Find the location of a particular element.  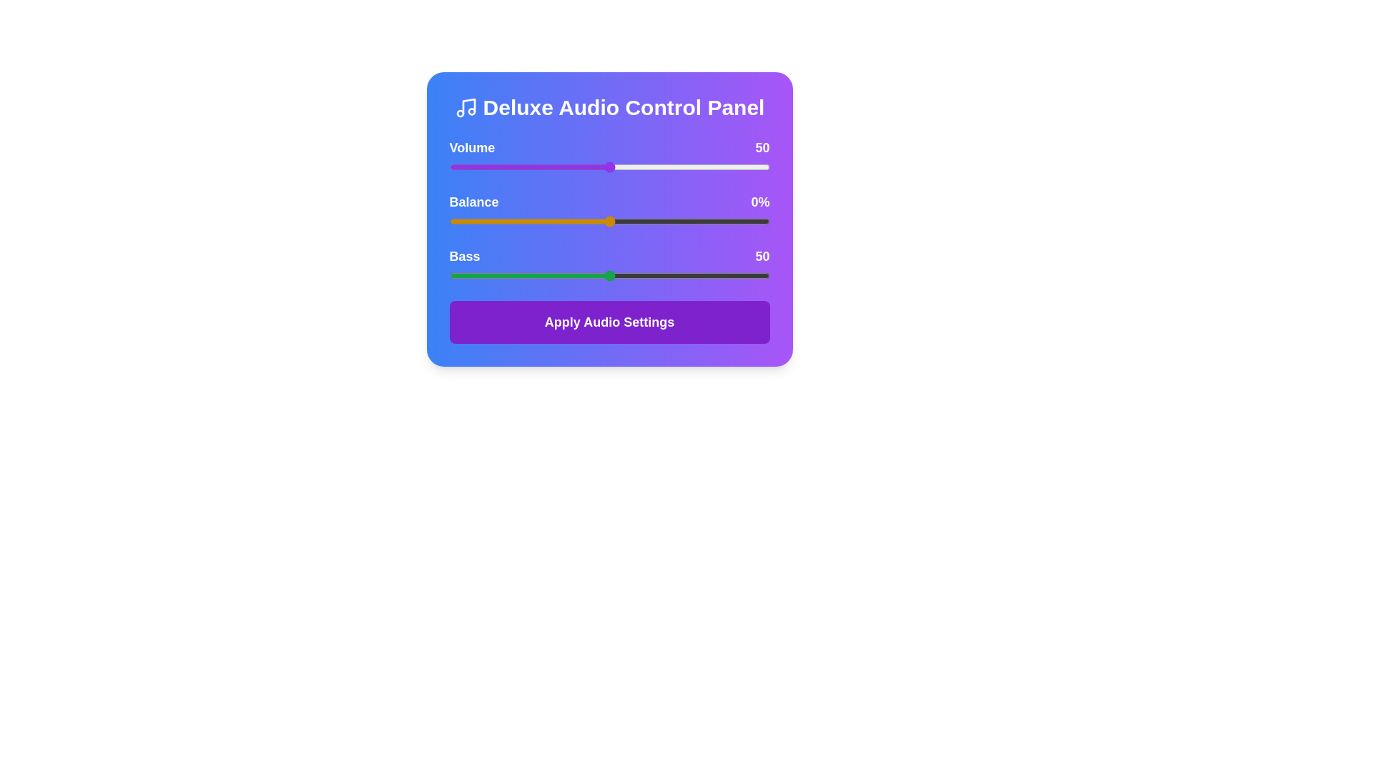

the horizontal slider labeled 'Bass 50' is located at coordinates (609, 264).